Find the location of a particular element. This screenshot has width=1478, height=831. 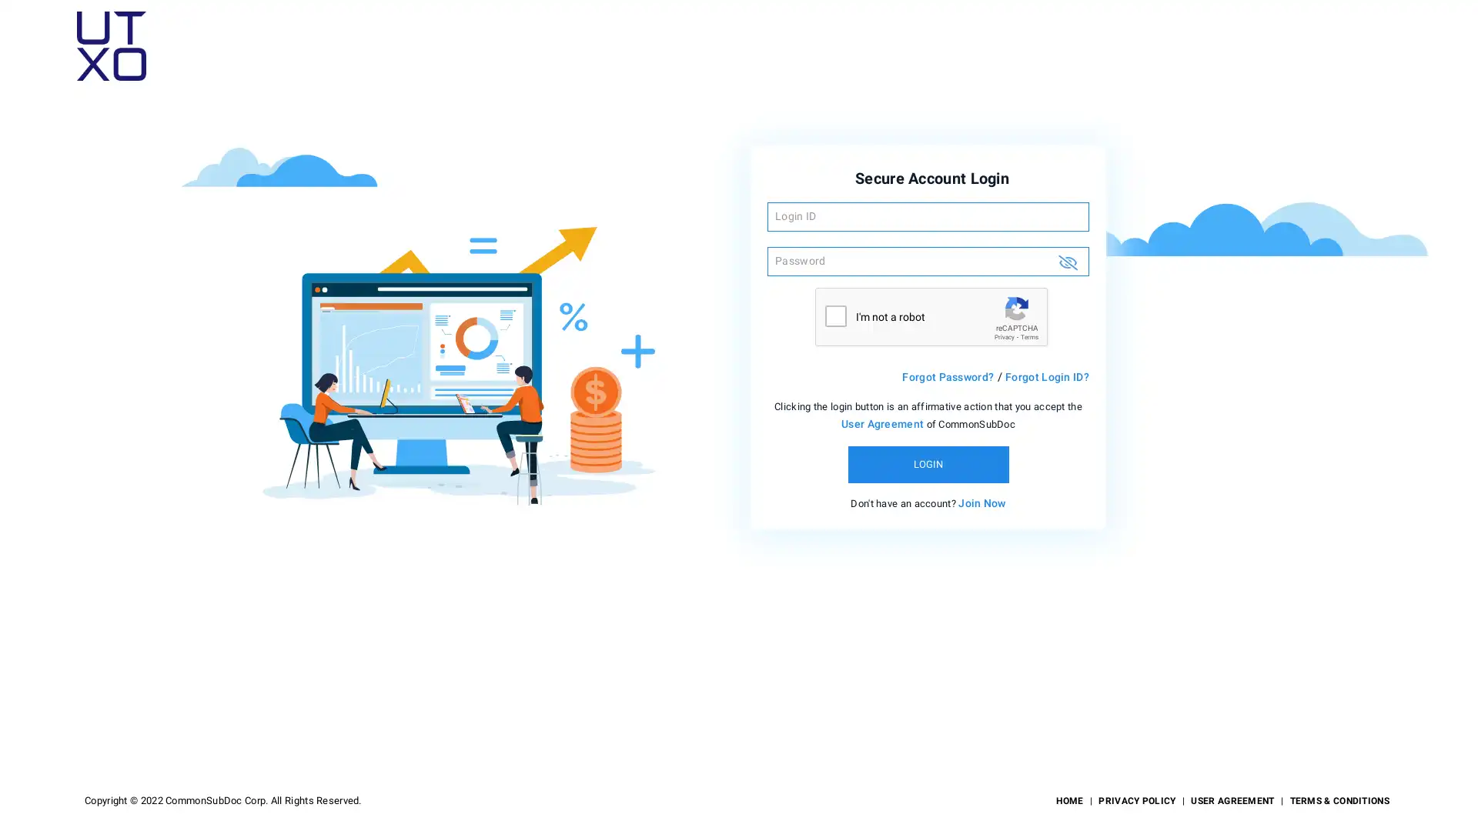

LOGIN is located at coordinates (927, 463).